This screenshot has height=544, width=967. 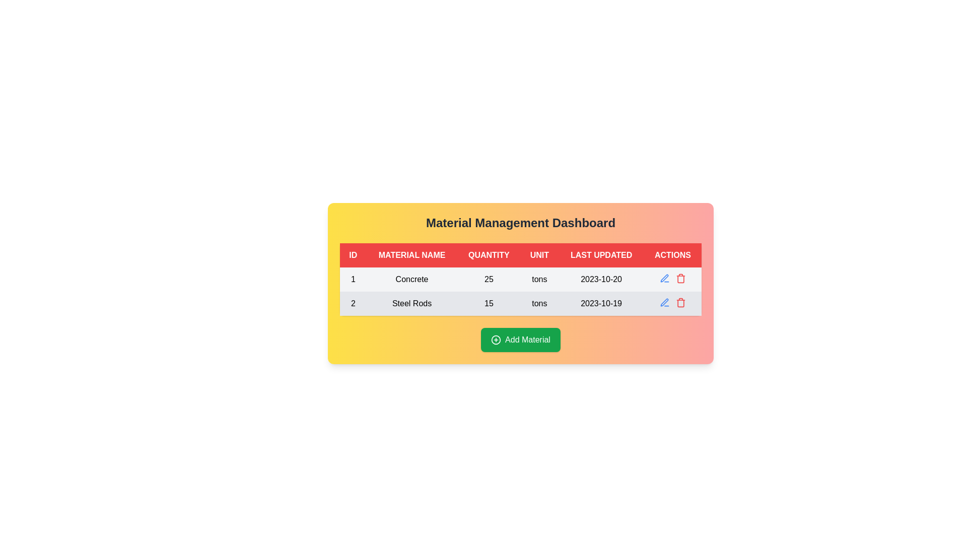 What do you see at coordinates (353, 303) in the screenshot?
I see `text content of the first cell displaying the value '2' in the second row of the table representing 'Steel Rods'` at bounding box center [353, 303].